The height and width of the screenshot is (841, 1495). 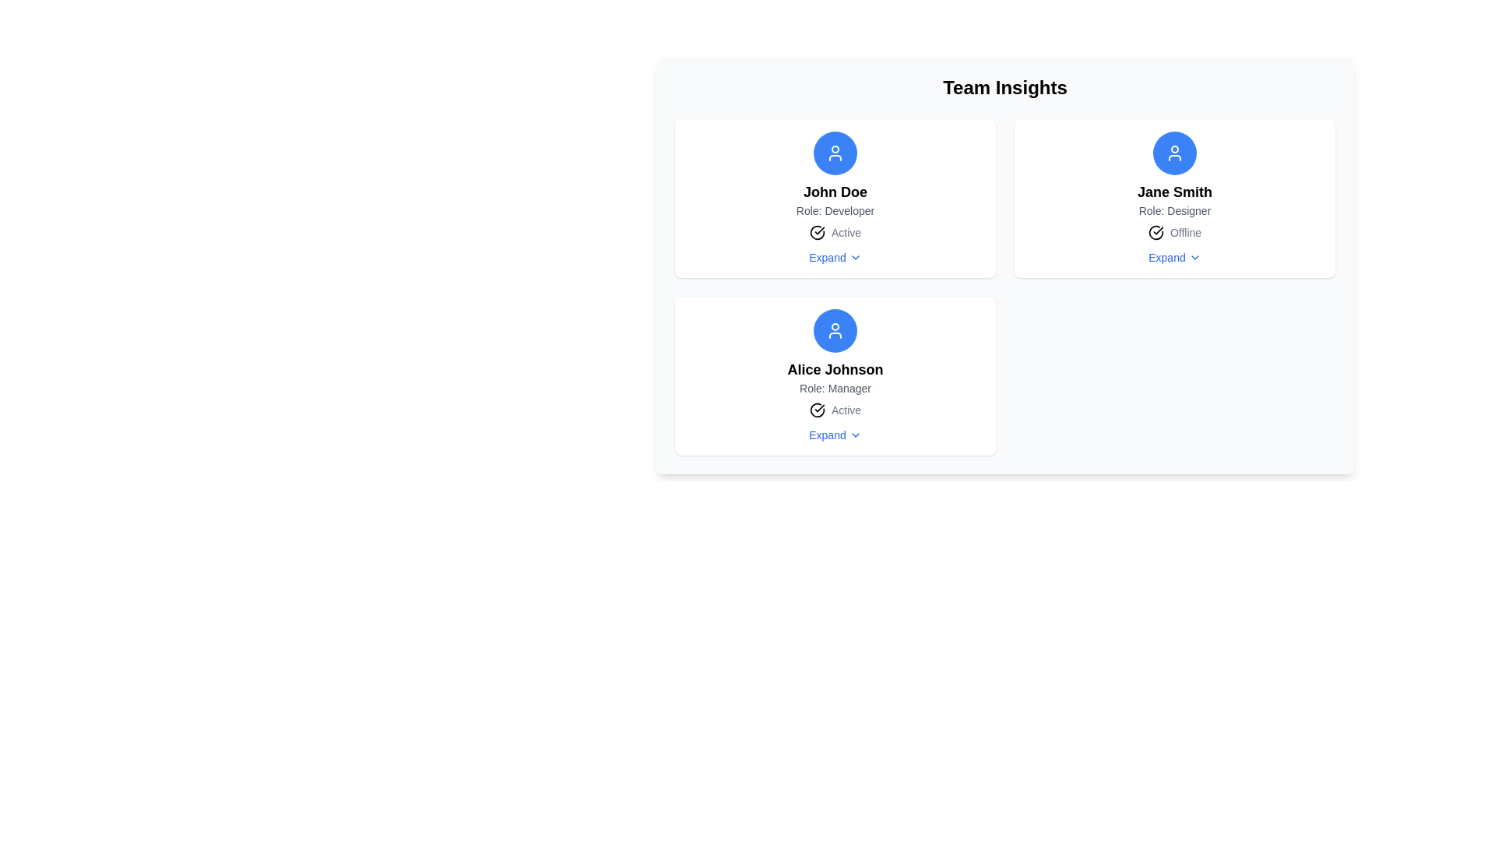 What do you see at coordinates (1184, 233) in the screenshot?
I see `the static text label displaying 'Offline' that indicates the status of 'Jane Smith' in the bottom section of her card` at bounding box center [1184, 233].